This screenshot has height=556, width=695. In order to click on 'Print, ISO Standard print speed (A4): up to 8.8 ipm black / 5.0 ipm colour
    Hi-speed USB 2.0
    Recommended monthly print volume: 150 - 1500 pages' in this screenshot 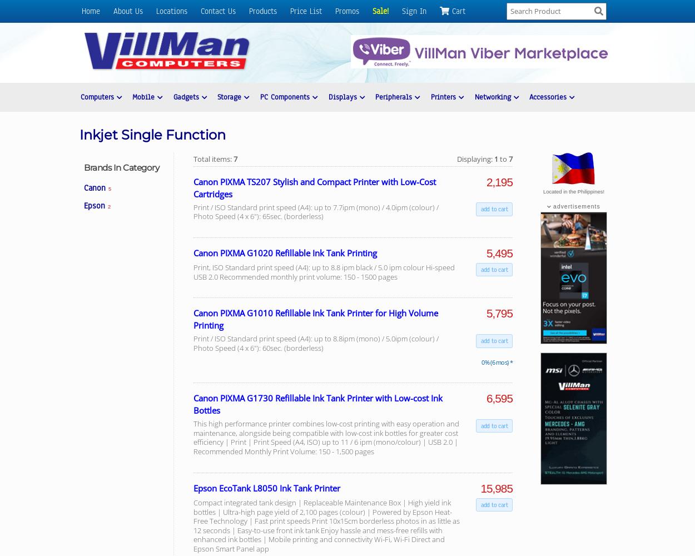, I will do `click(324, 271)`.